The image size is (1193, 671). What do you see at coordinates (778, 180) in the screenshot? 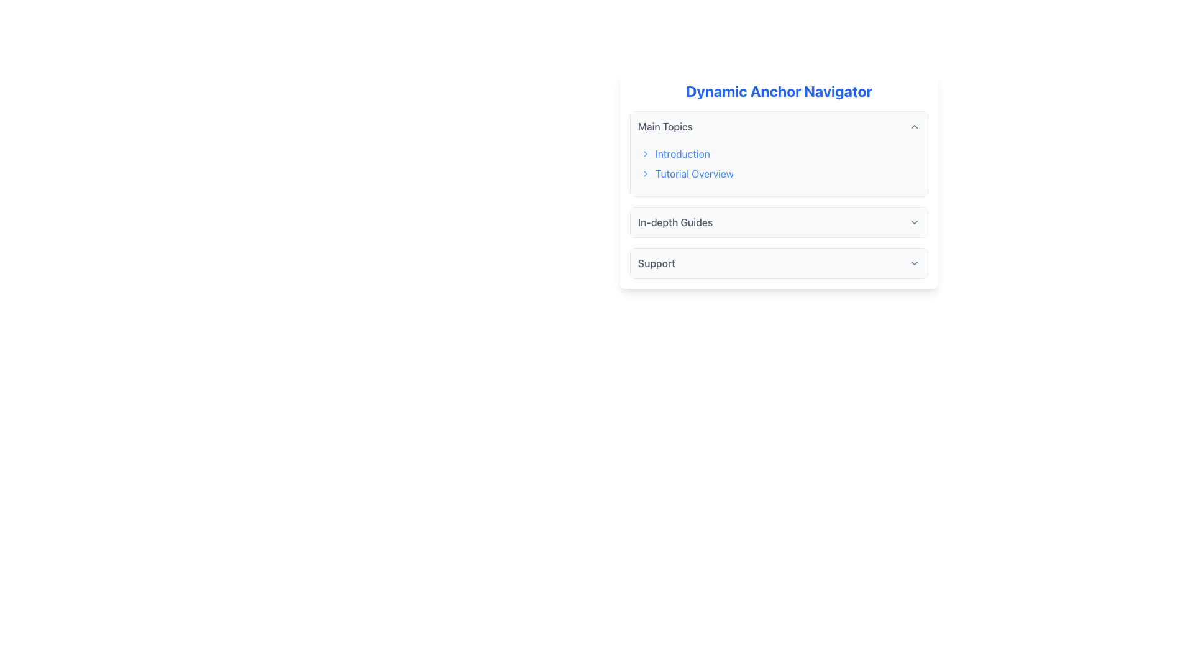
I see `the Collapsible Navigation Panel titled 'Dynamic Anchor Navigator'` at bounding box center [778, 180].